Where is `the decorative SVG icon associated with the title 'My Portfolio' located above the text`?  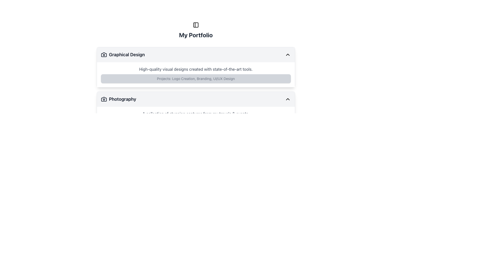
the decorative SVG icon associated with the title 'My Portfolio' located above the text is located at coordinates (196, 25).